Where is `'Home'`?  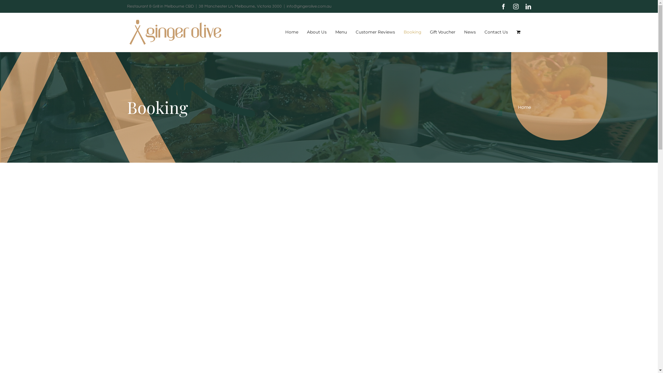
'Home' is located at coordinates (285, 32).